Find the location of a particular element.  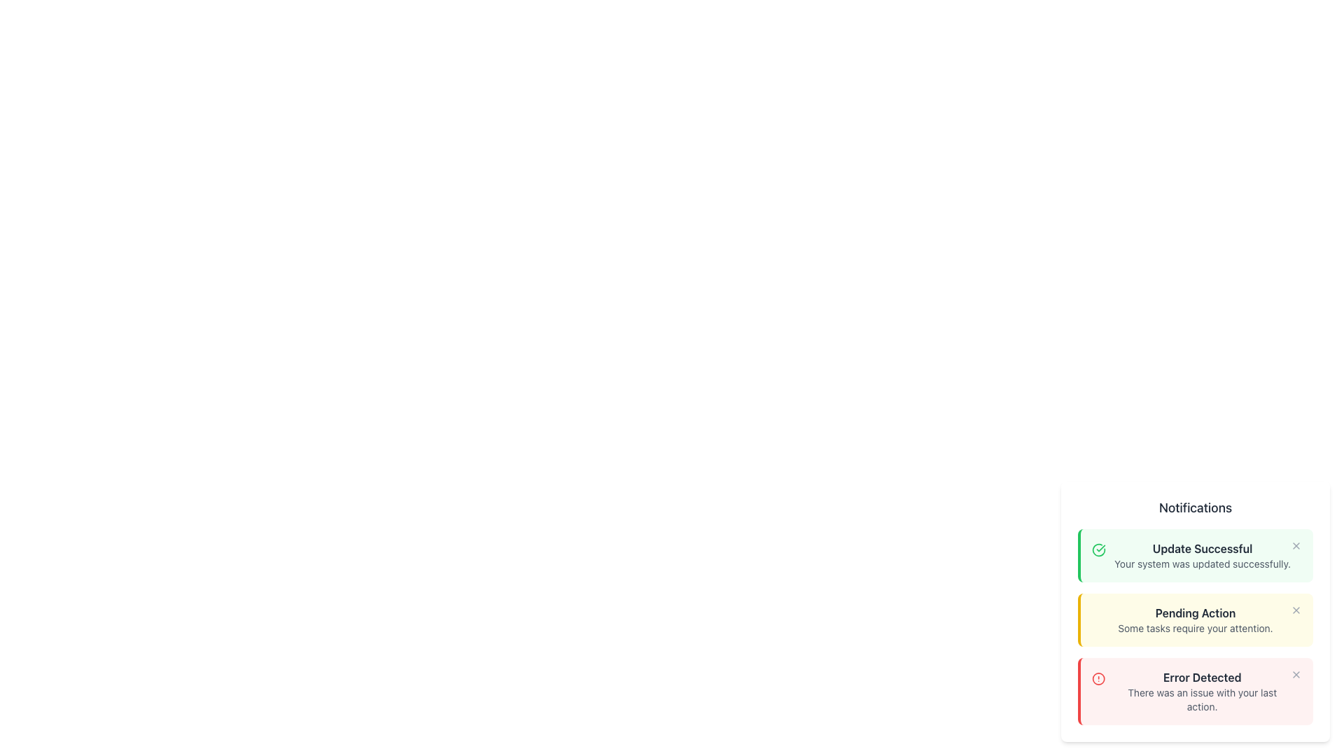

text content of the 'Pending Action' label displayed in a bold serif font within the notification card is located at coordinates (1195, 612).